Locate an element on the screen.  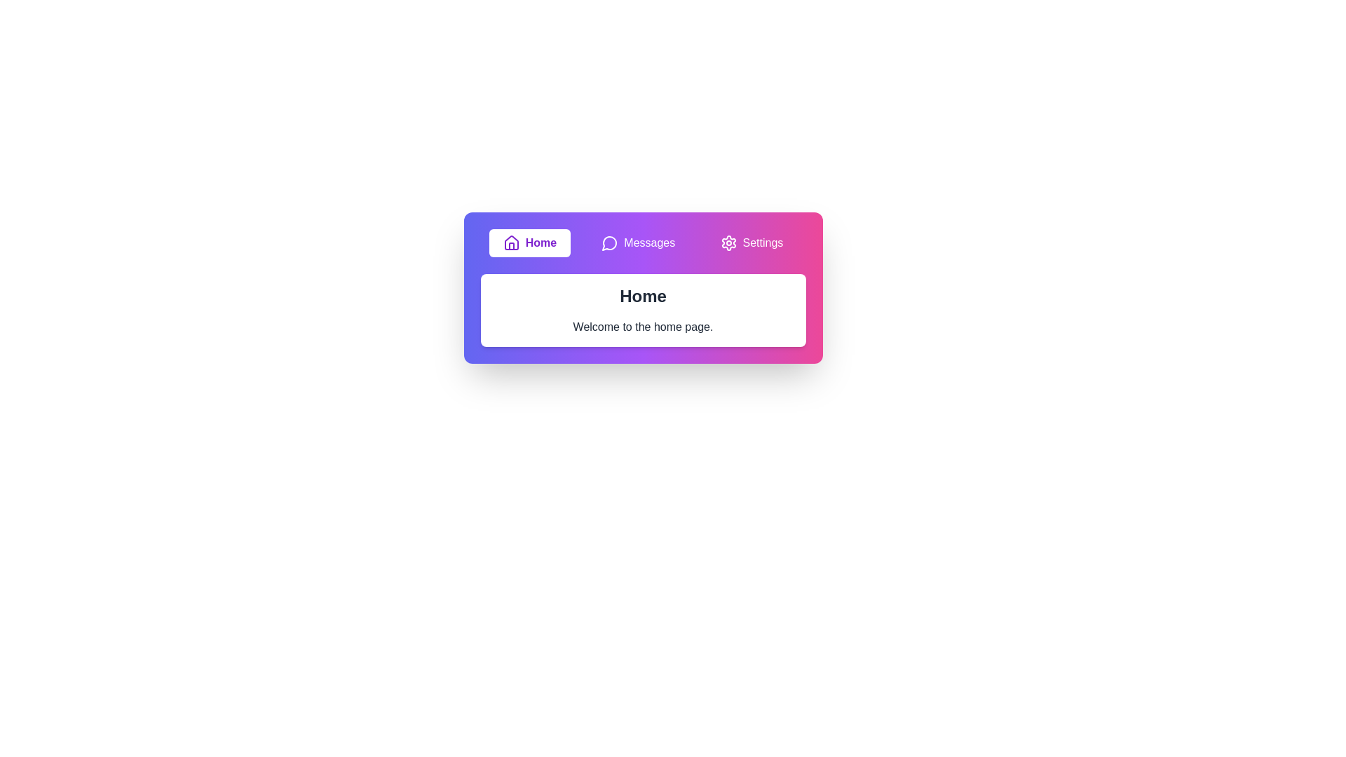
the 'Home' text label, which is displayed in purple color and is styled with a standard sans-serif font is located at coordinates (540, 243).